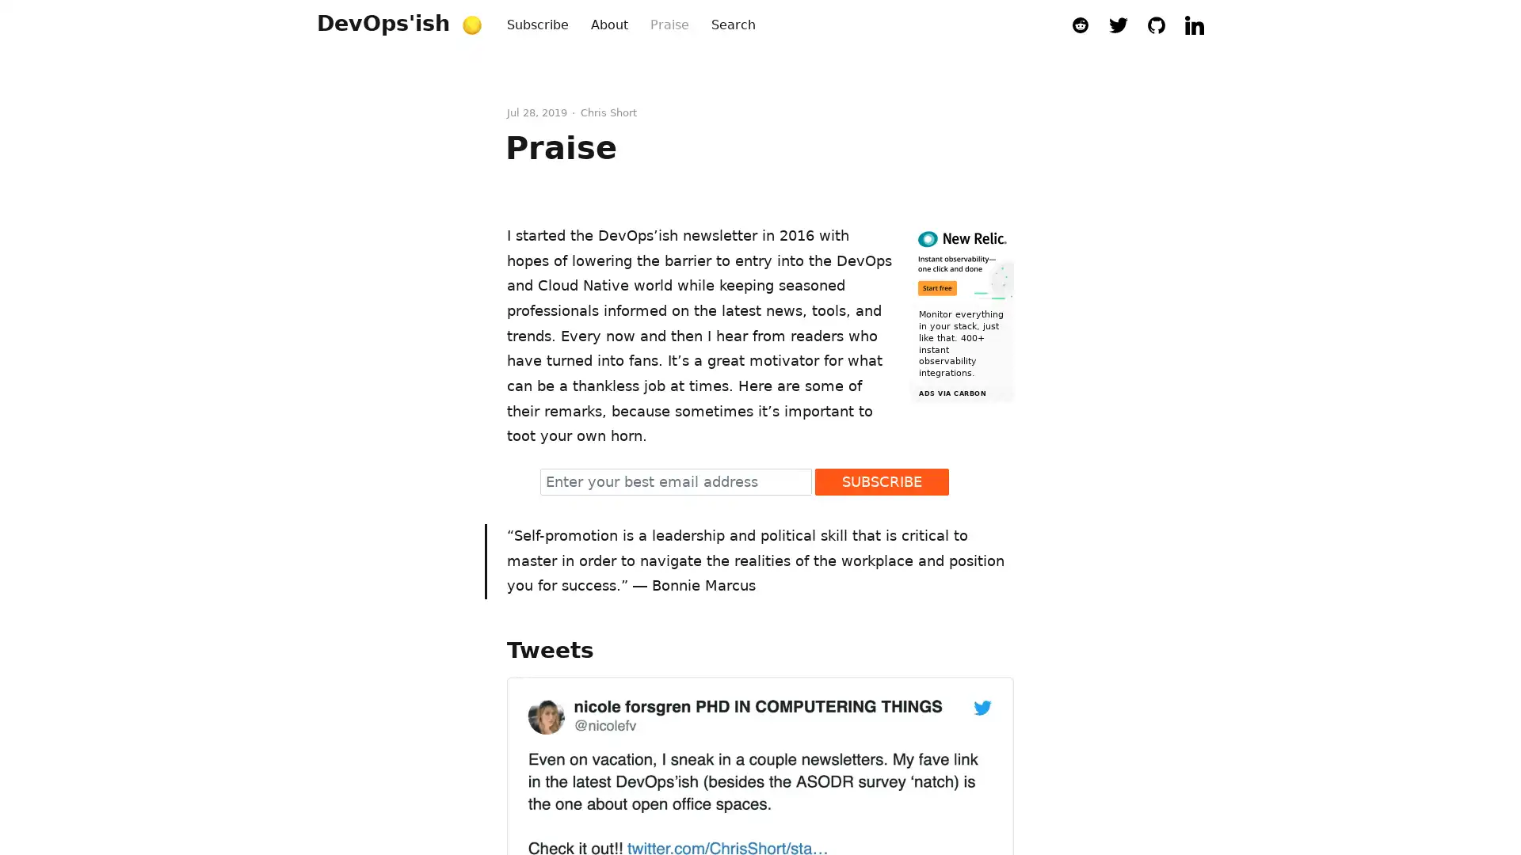 This screenshot has width=1521, height=855. What do you see at coordinates (881, 481) in the screenshot?
I see `SUBSCRIBE` at bounding box center [881, 481].